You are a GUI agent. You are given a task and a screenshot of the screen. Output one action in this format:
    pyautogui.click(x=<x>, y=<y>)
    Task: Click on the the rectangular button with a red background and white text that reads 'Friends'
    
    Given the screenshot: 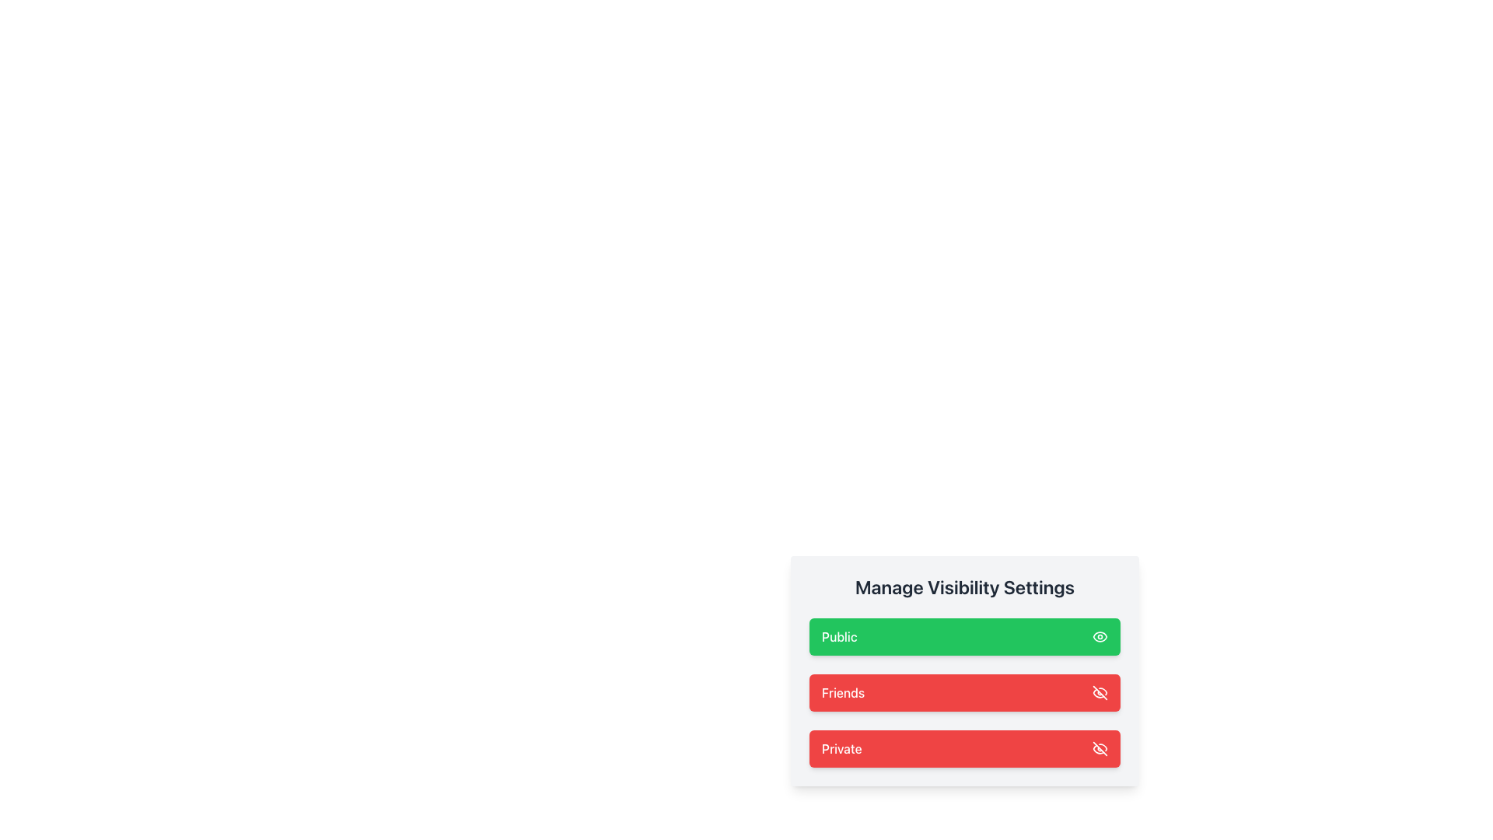 What is the action you would take?
    pyautogui.click(x=964, y=692)
    